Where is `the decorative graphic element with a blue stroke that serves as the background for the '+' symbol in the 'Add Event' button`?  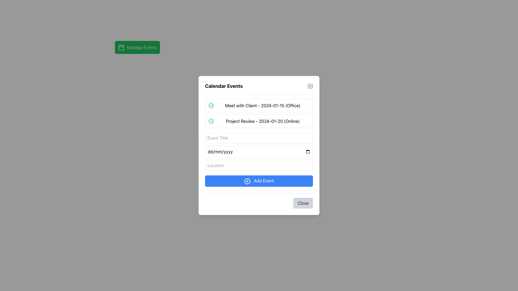 the decorative graphic element with a blue stroke that serves as the background for the '+' symbol in the 'Add Event' button is located at coordinates (247, 181).